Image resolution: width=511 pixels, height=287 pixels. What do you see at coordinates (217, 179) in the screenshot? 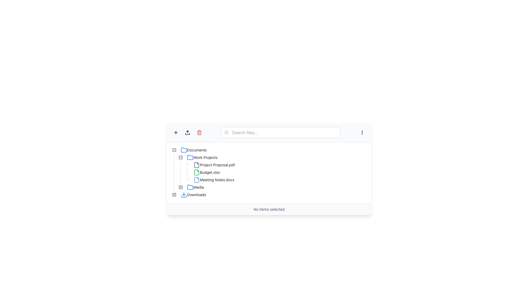
I see `the 'Meeting Notes.docx' text label in the tree menu` at bounding box center [217, 179].